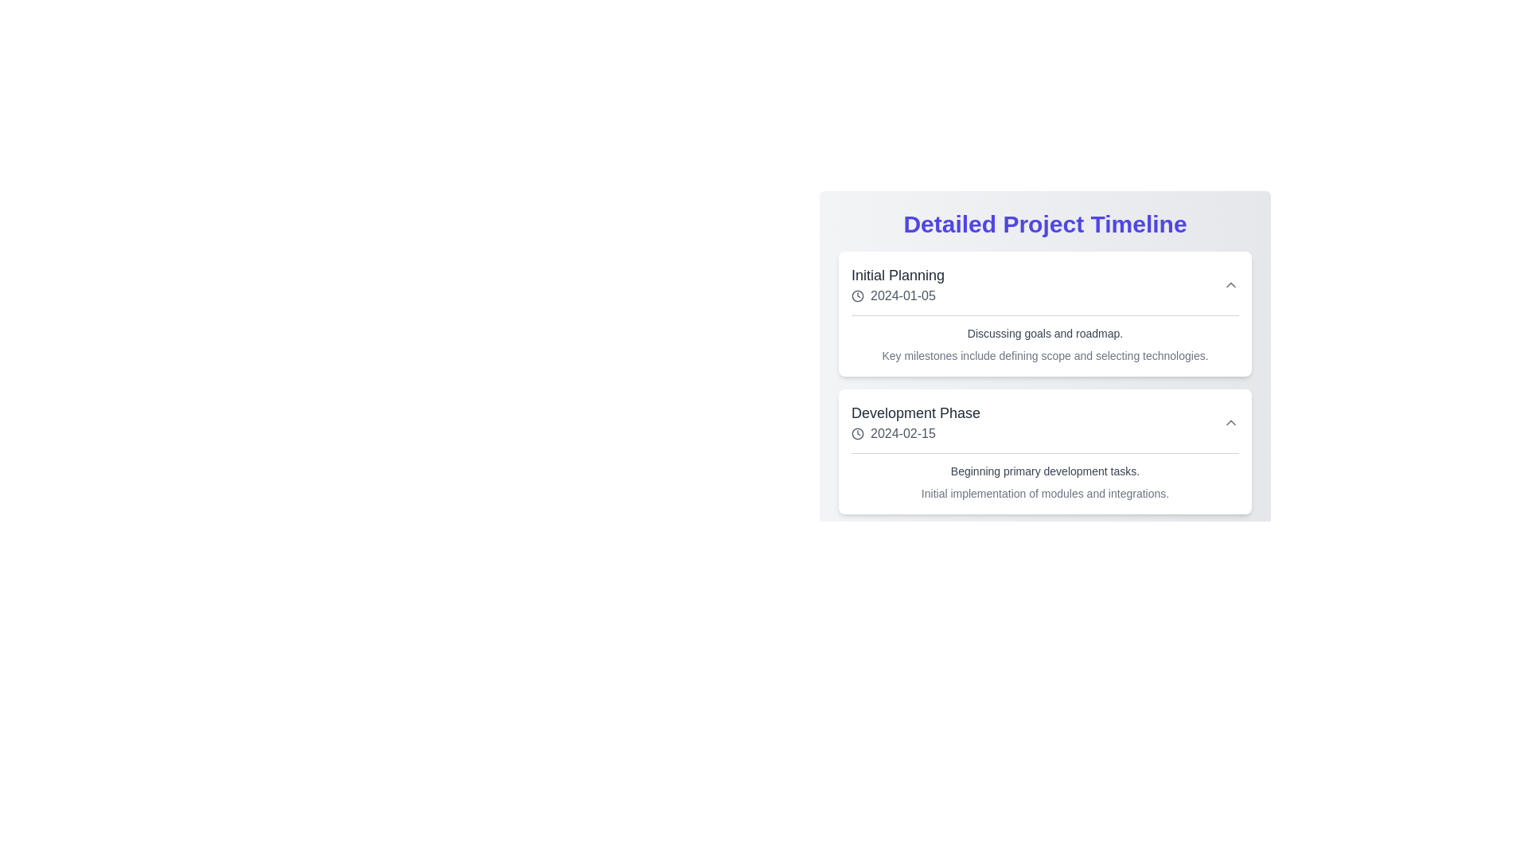 The image size is (1528, 860). I want to click on the chevron up icon located in the top-right corner of the 'Initial Planning 2024-01-05' card, so click(1230, 284).